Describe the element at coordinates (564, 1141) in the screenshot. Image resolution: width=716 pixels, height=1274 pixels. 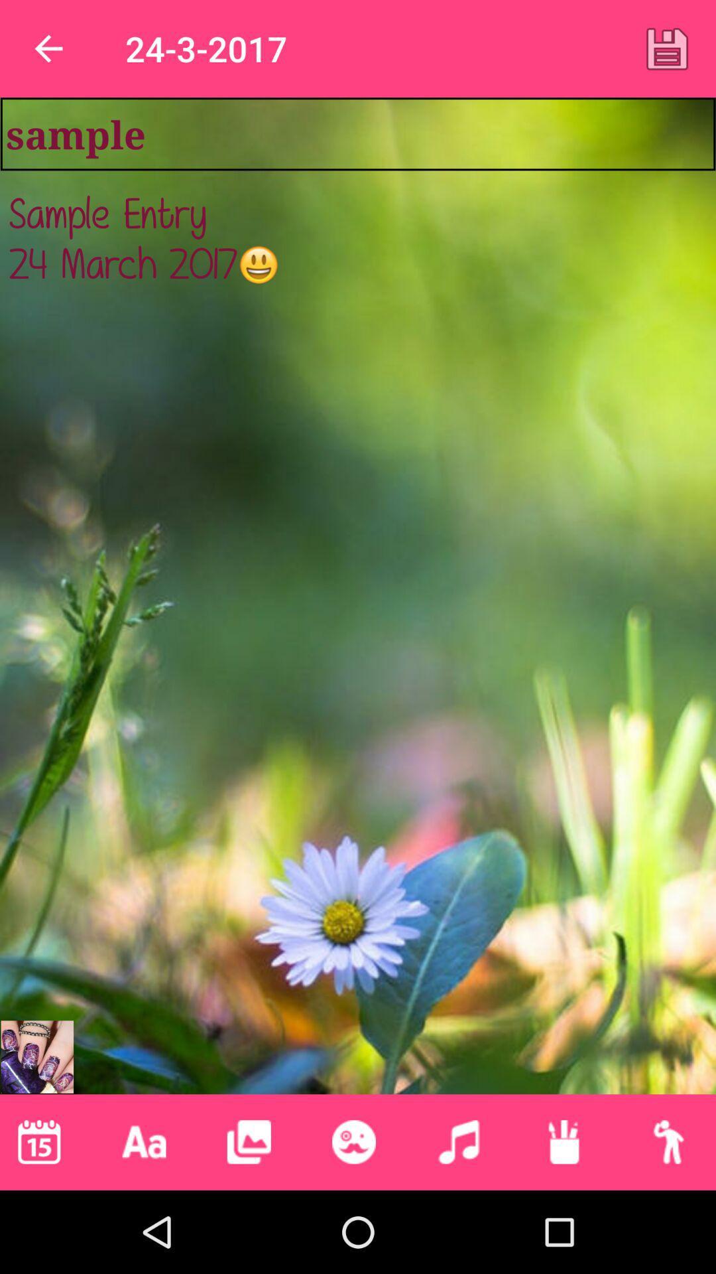
I see `the item below sample entry 24` at that location.